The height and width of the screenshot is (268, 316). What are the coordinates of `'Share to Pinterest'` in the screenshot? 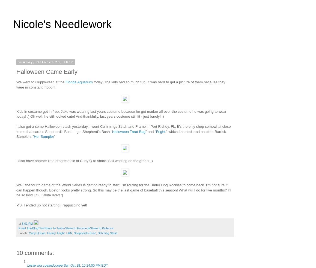 It's located at (101, 228).